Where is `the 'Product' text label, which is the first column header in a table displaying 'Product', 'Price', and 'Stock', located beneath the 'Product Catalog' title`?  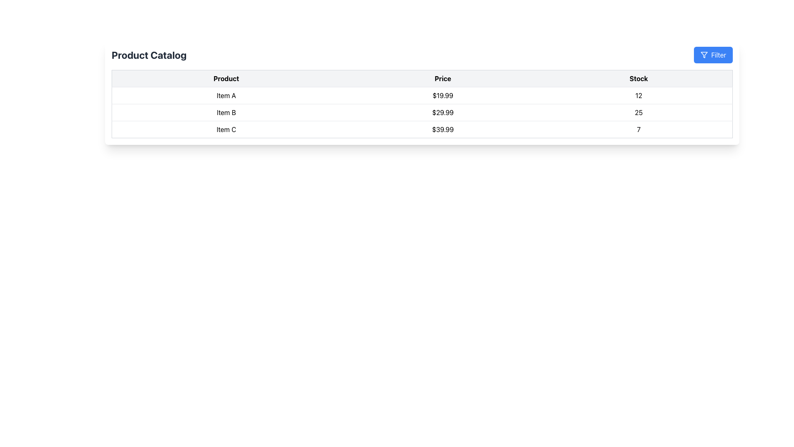 the 'Product' text label, which is the first column header in a table displaying 'Product', 'Price', and 'Stock', located beneath the 'Product Catalog' title is located at coordinates (226, 78).